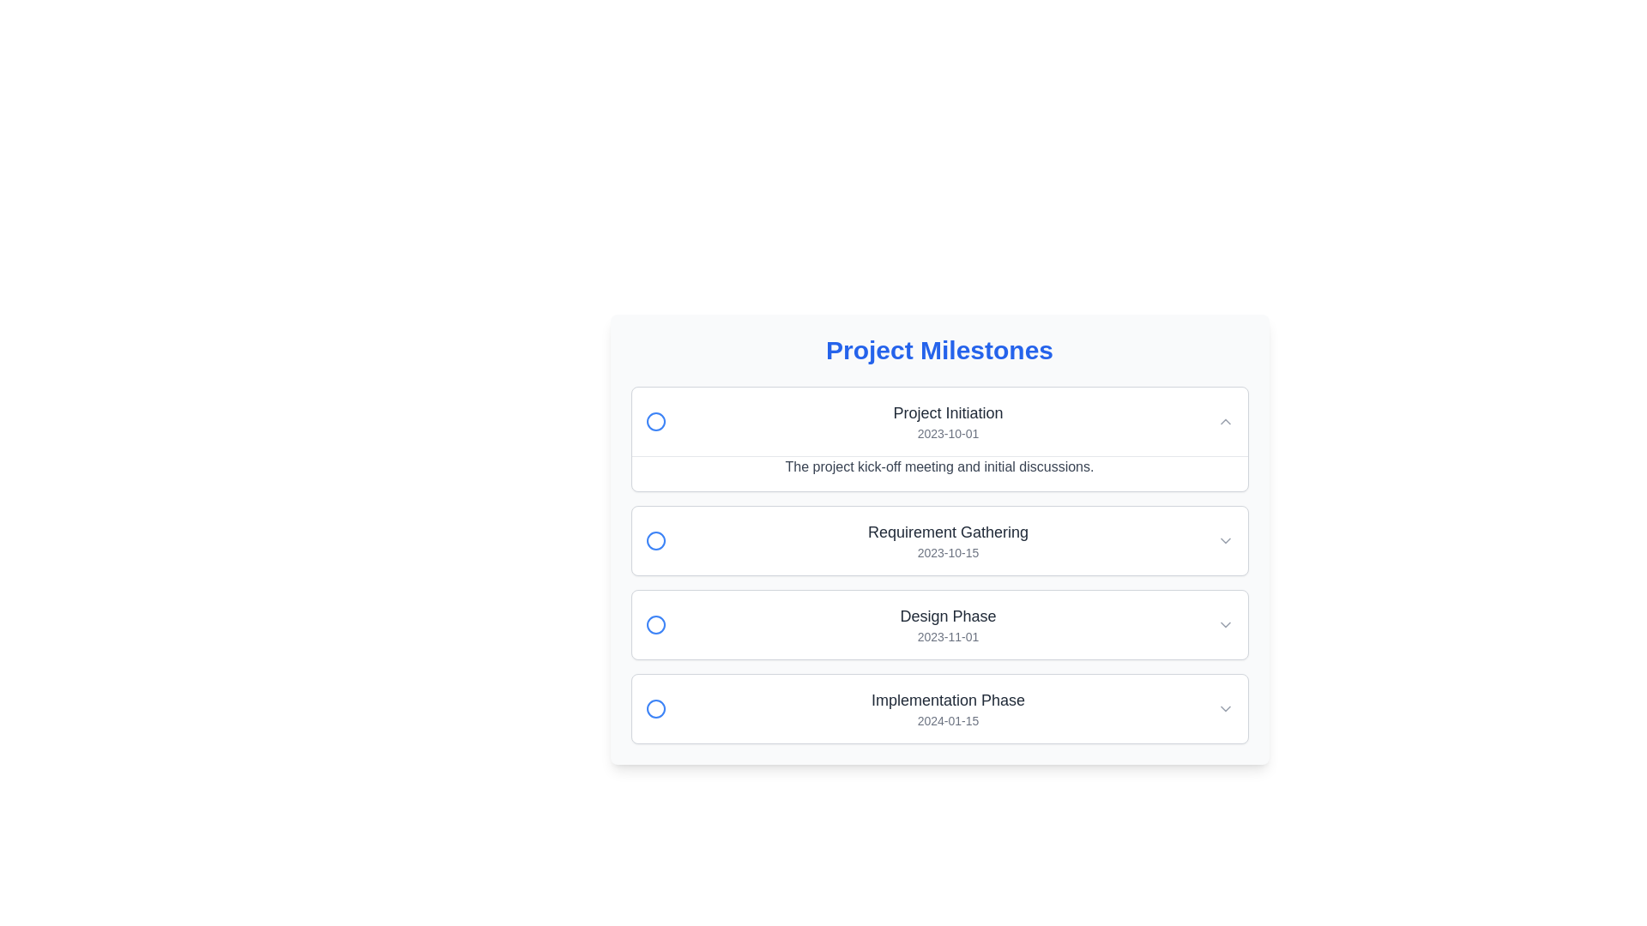  I want to click on the small circular icon with a blue stroke located to the left of the 'Implementation Phase' list item, so click(655, 708).